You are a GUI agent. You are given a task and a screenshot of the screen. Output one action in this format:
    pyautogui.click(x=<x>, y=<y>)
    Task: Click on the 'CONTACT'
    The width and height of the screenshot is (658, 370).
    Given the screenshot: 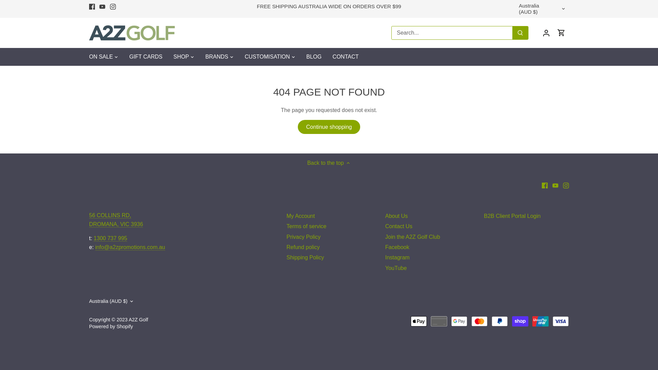 What is the action you would take?
    pyautogui.click(x=327, y=57)
    